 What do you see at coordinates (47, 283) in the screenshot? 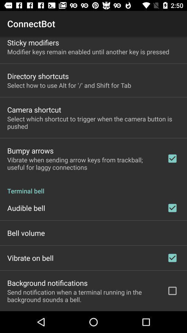
I see `the background notifications item` at bounding box center [47, 283].